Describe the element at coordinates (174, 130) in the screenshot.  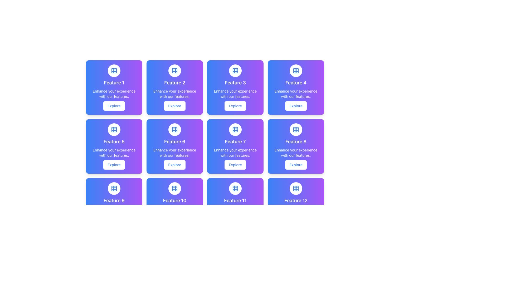
I see `the central square of the grid icon within the 'Feature 6' card located in the second row and third column of a 4x3 grid layout` at that location.